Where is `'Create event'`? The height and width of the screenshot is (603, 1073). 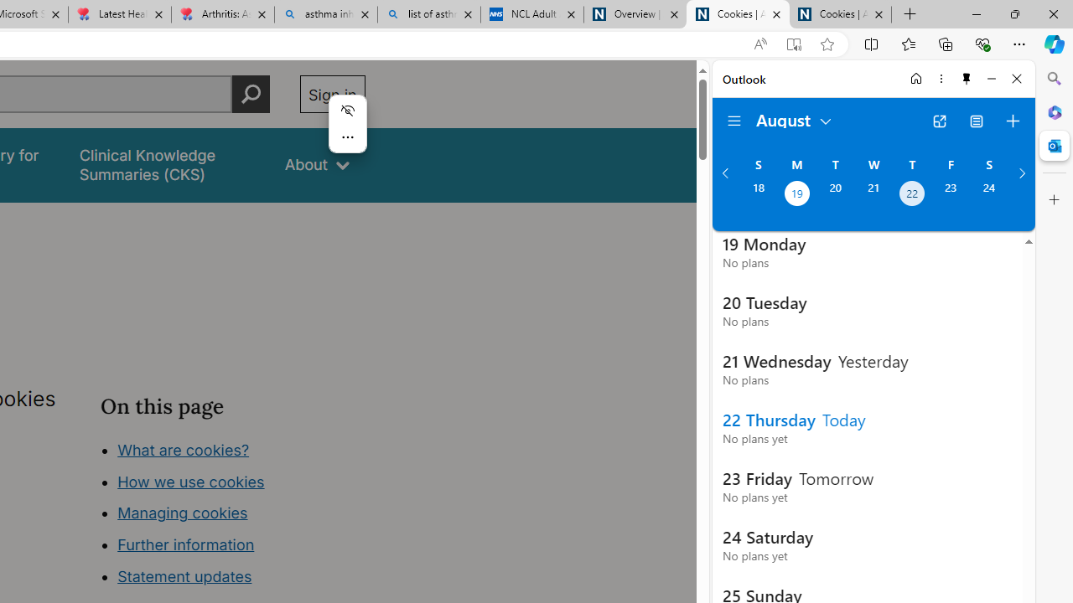 'Create event' is located at coordinates (1012, 121).